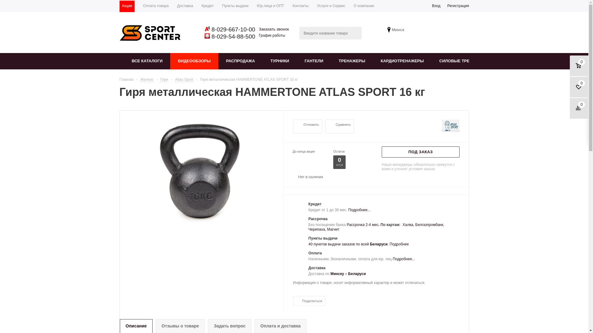  I want to click on 'Atlas Sport', so click(451, 125).